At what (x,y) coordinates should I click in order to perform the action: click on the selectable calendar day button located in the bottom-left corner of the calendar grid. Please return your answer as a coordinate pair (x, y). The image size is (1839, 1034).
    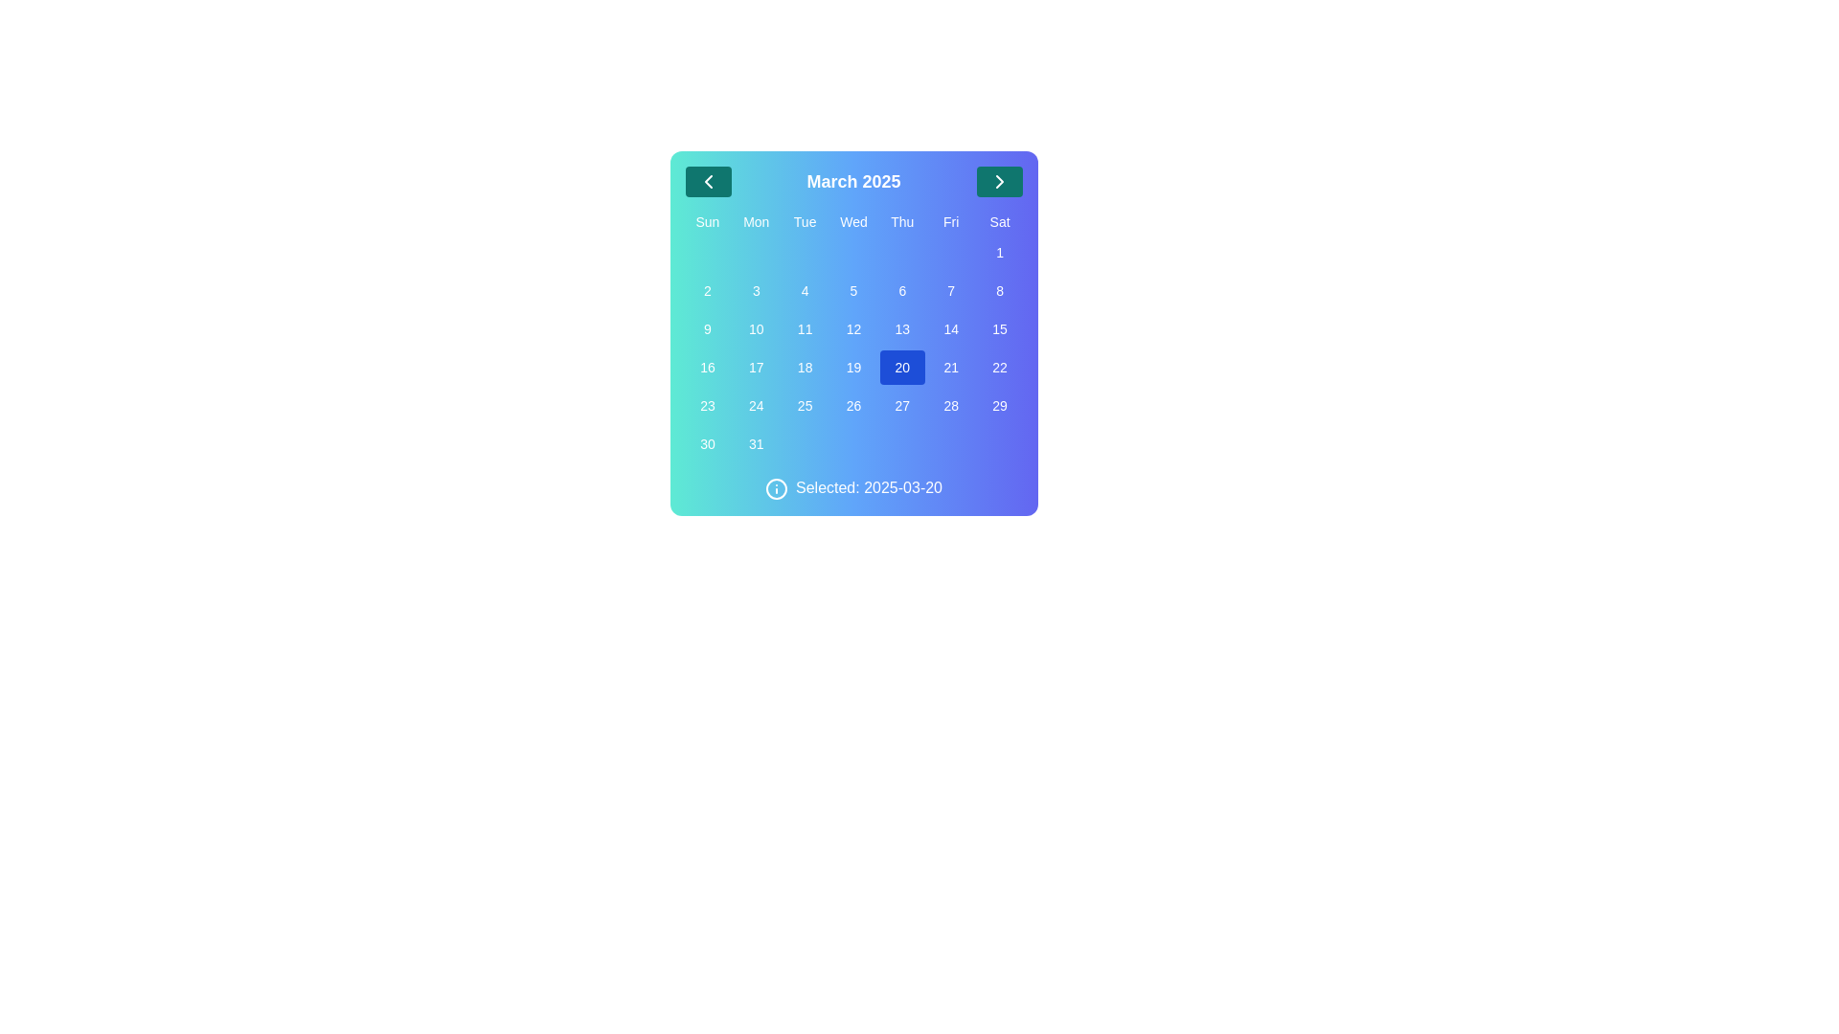
    Looking at the image, I should click on (707, 443).